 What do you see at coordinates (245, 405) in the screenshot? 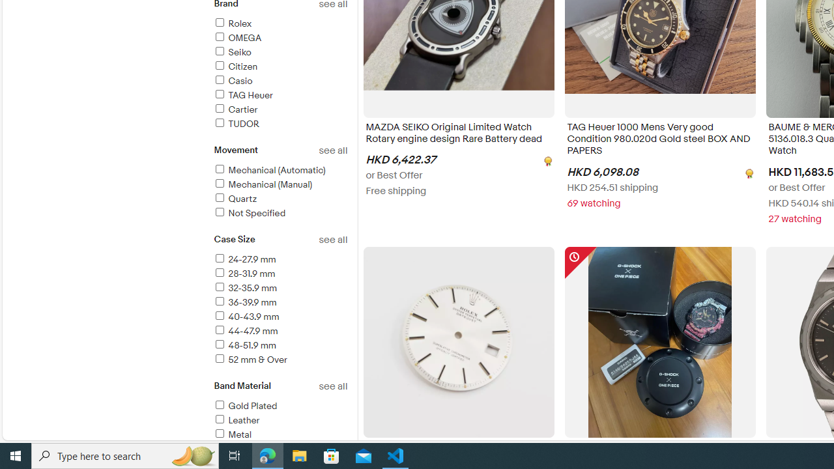
I see `'Gold Plated'` at bounding box center [245, 405].